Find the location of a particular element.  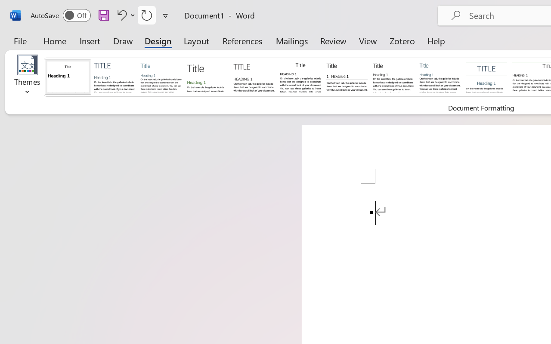

'Undo Style' is located at coordinates (124, 15).